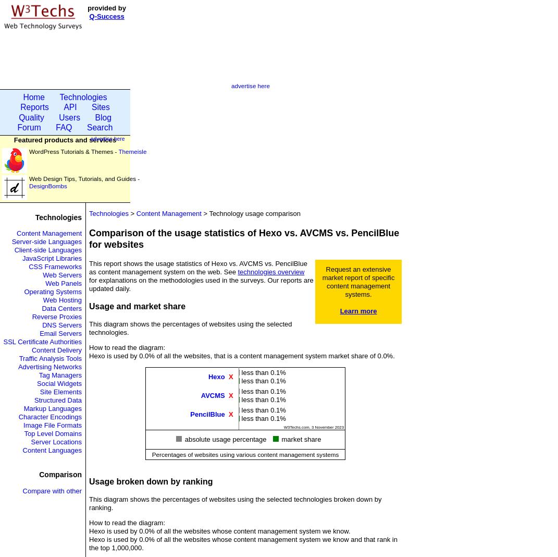 The width and height of the screenshot is (558, 557). I want to click on 'Operating Systems', so click(23, 291).